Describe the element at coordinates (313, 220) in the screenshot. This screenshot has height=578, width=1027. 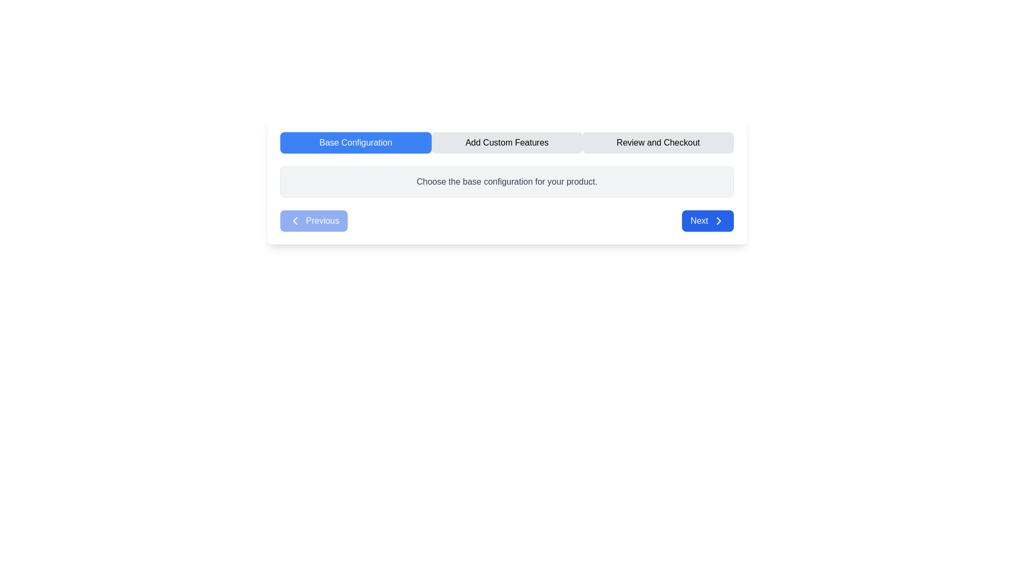
I see `the 'Previous' button located in the bottom-left corner of the interface, to the left of the 'Next' button` at that location.